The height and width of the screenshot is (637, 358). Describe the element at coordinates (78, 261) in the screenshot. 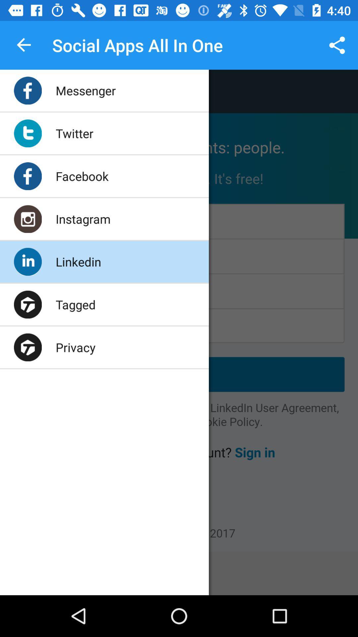

I see `the linkedin app` at that location.